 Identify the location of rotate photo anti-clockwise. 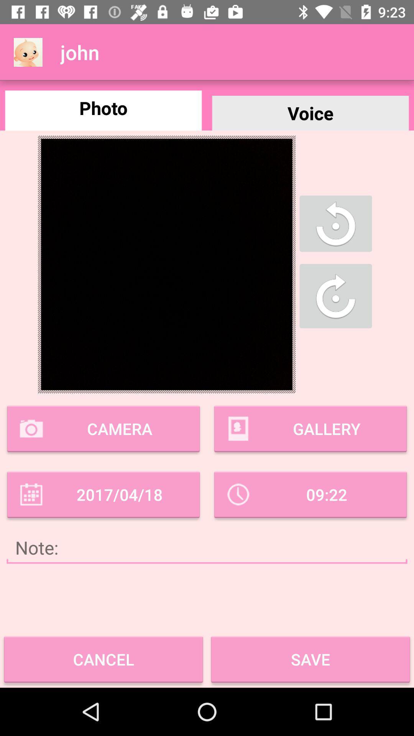
(335, 223).